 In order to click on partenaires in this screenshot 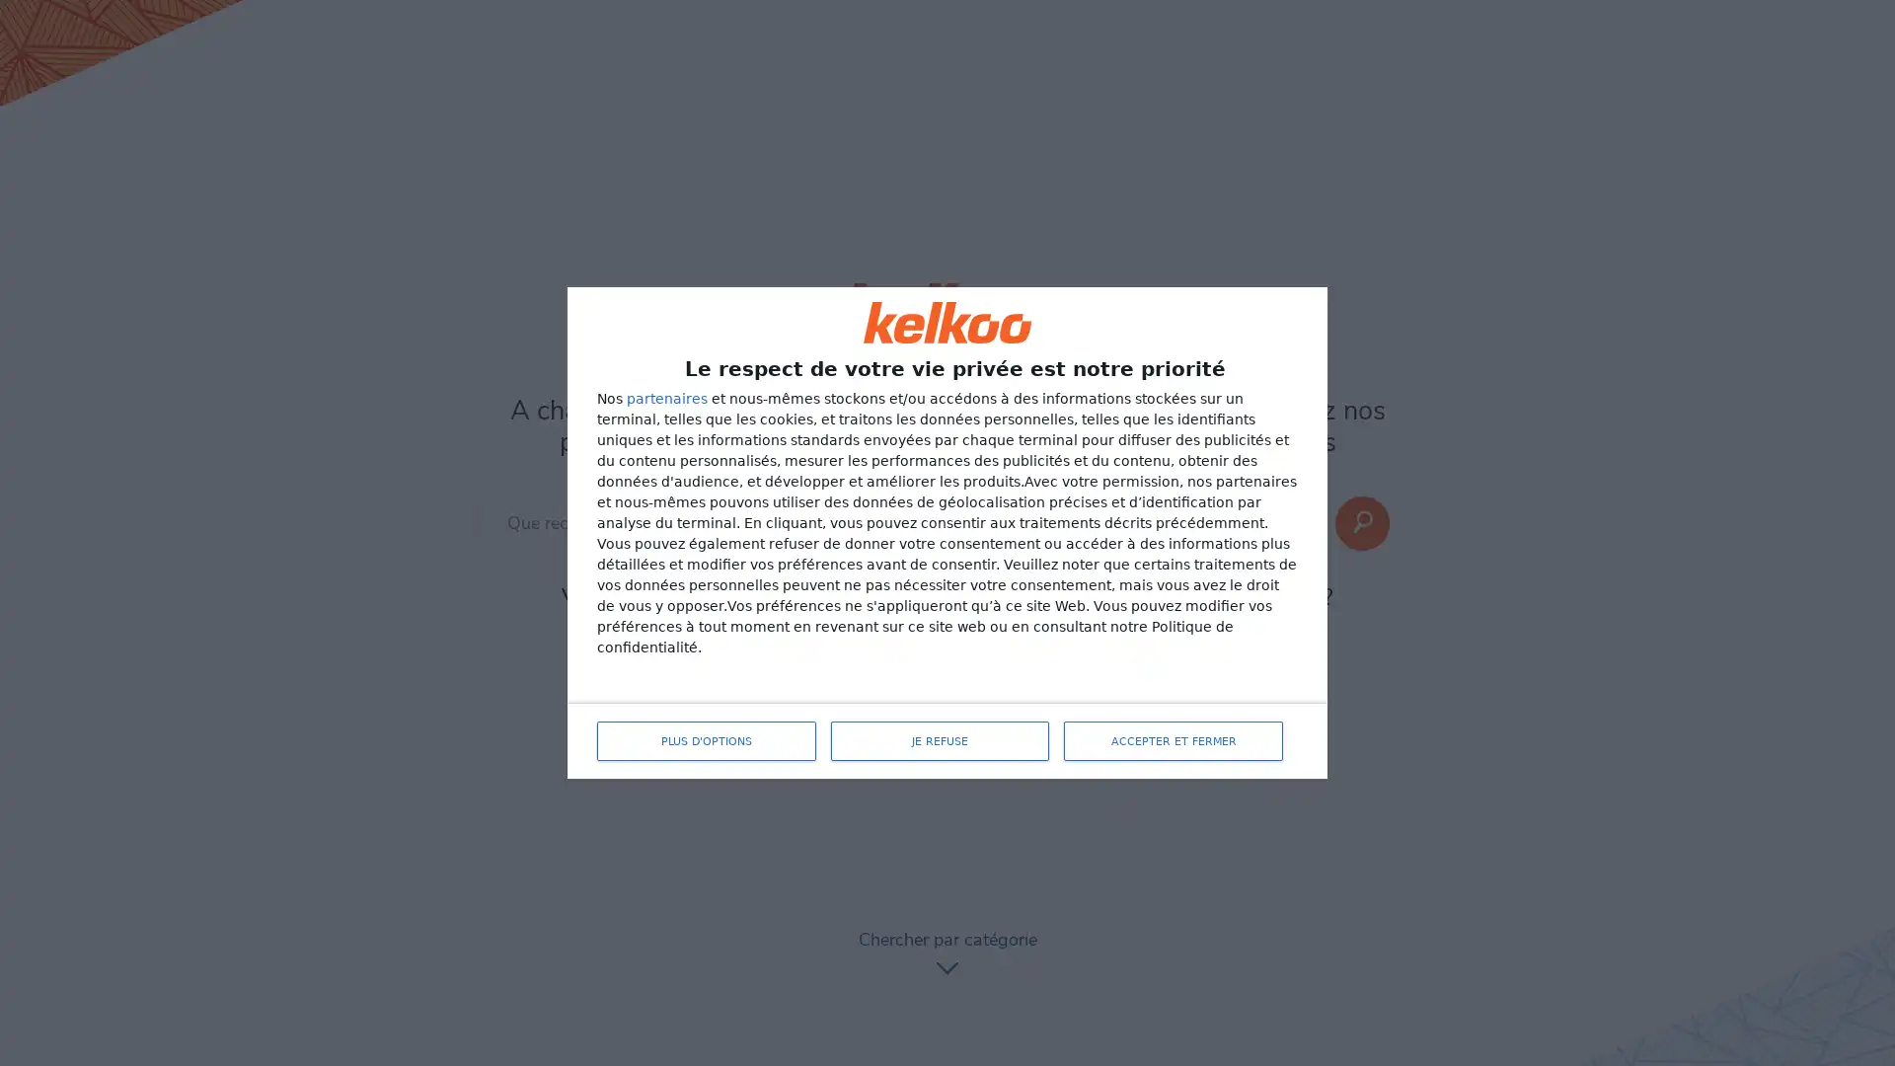, I will do `click(667, 399)`.